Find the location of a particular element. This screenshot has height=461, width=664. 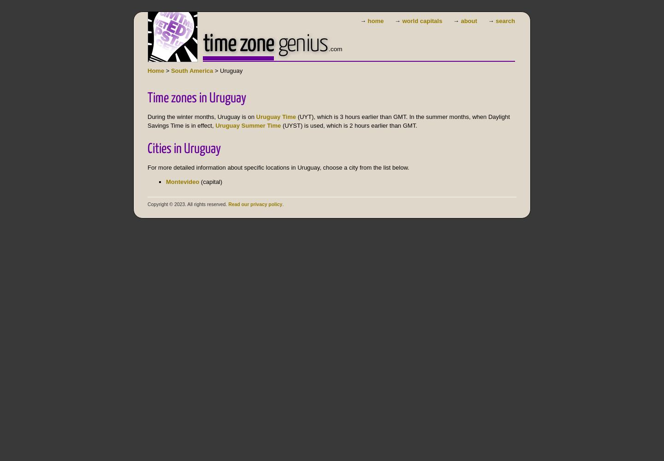

'.com' is located at coordinates (334, 48).